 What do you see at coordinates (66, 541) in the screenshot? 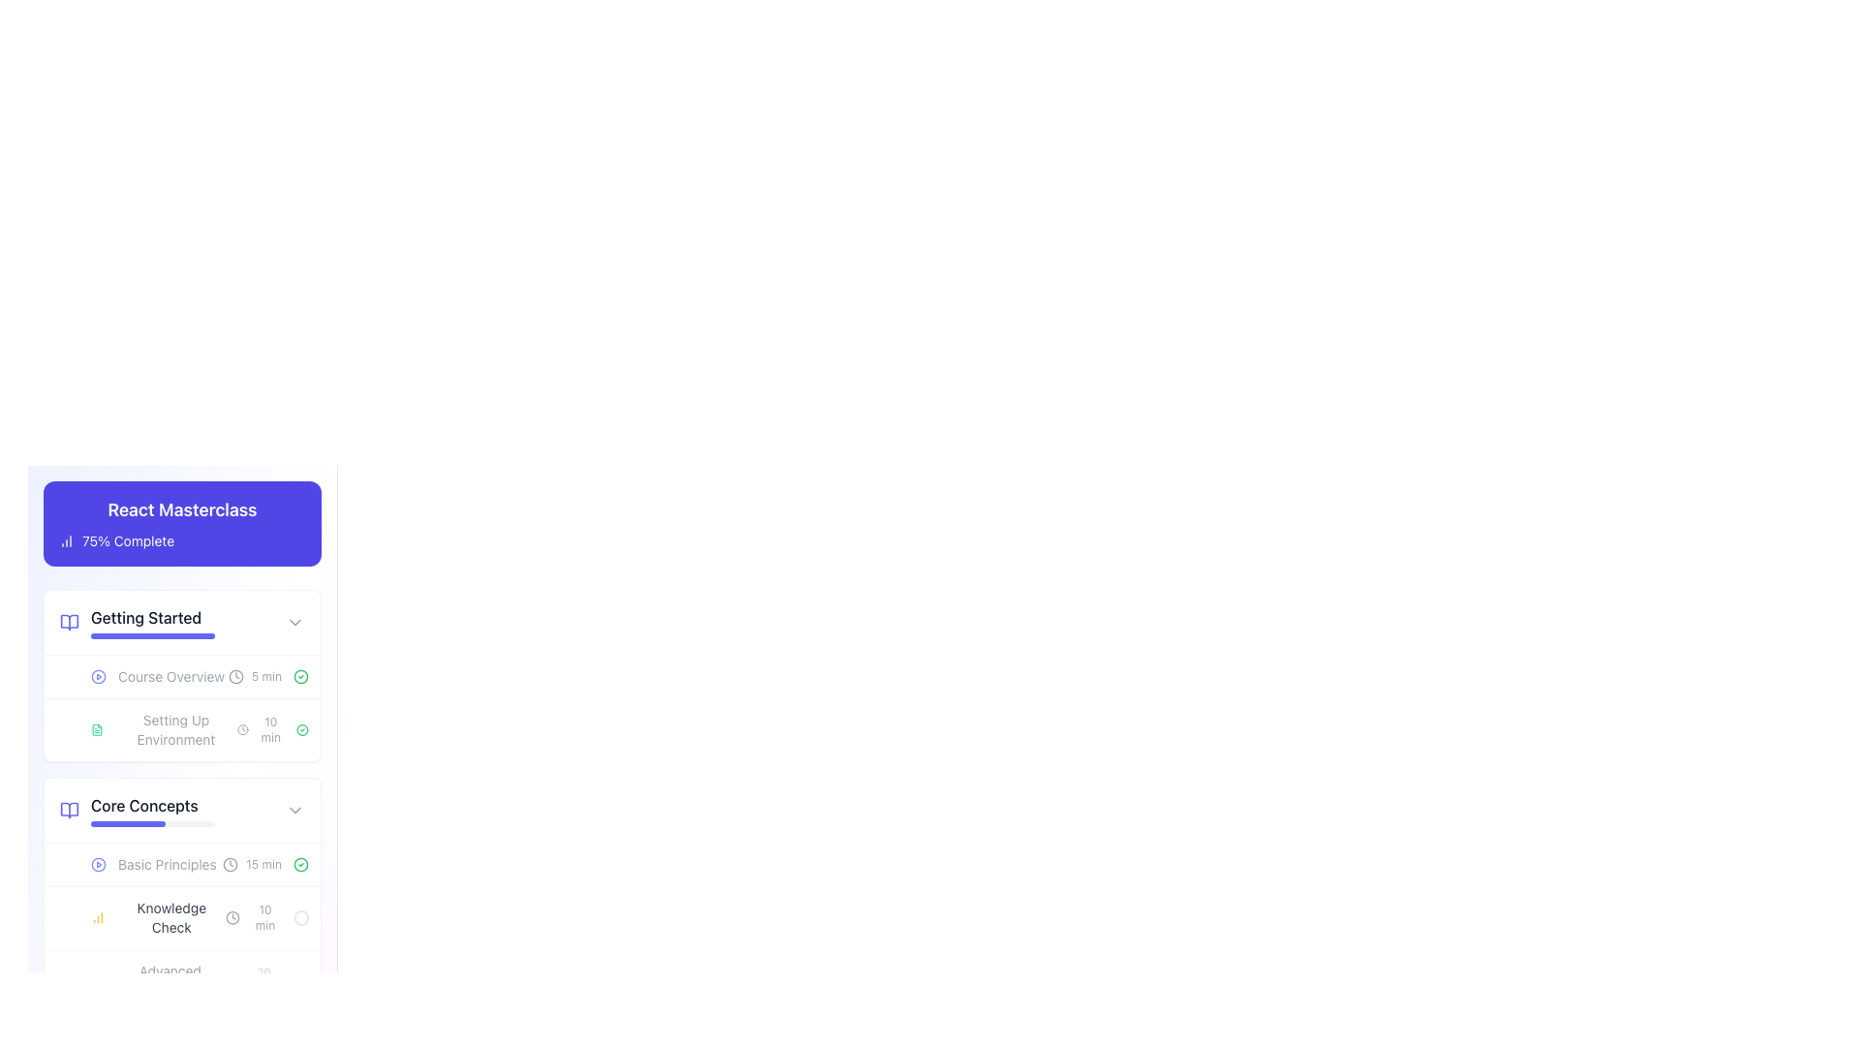
I see `the progress summary icon located to the left of the text '75% Complete' in the 'React Masterclass' section` at bounding box center [66, 541].